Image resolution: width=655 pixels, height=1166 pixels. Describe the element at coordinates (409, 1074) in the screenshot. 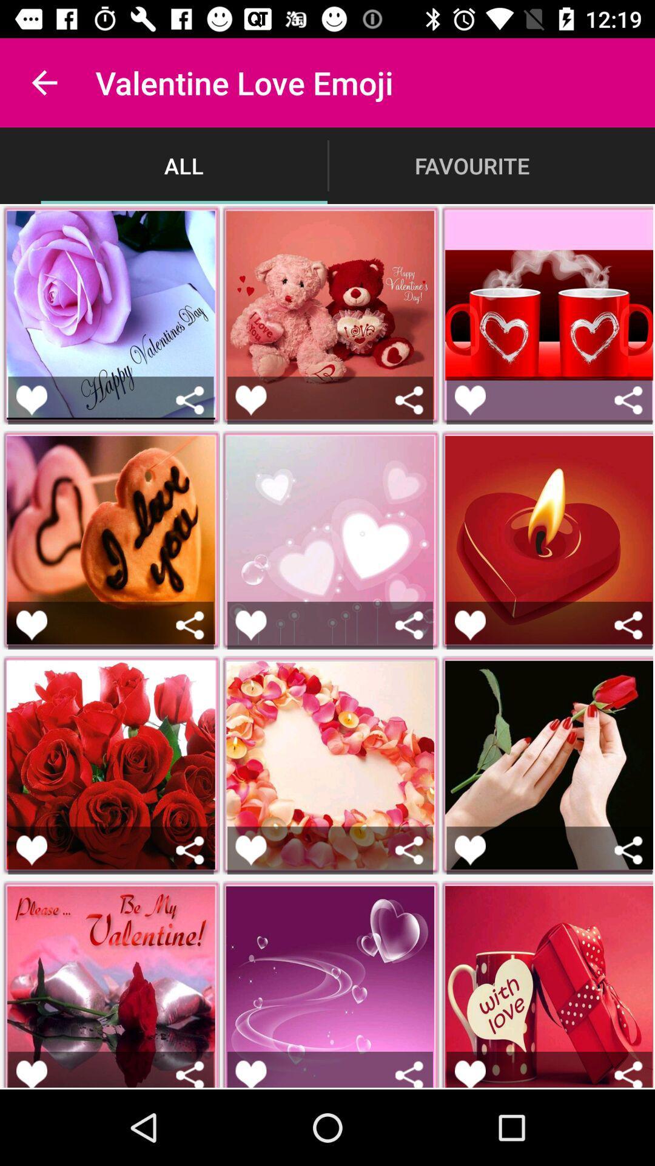

I see `click share` at that location.